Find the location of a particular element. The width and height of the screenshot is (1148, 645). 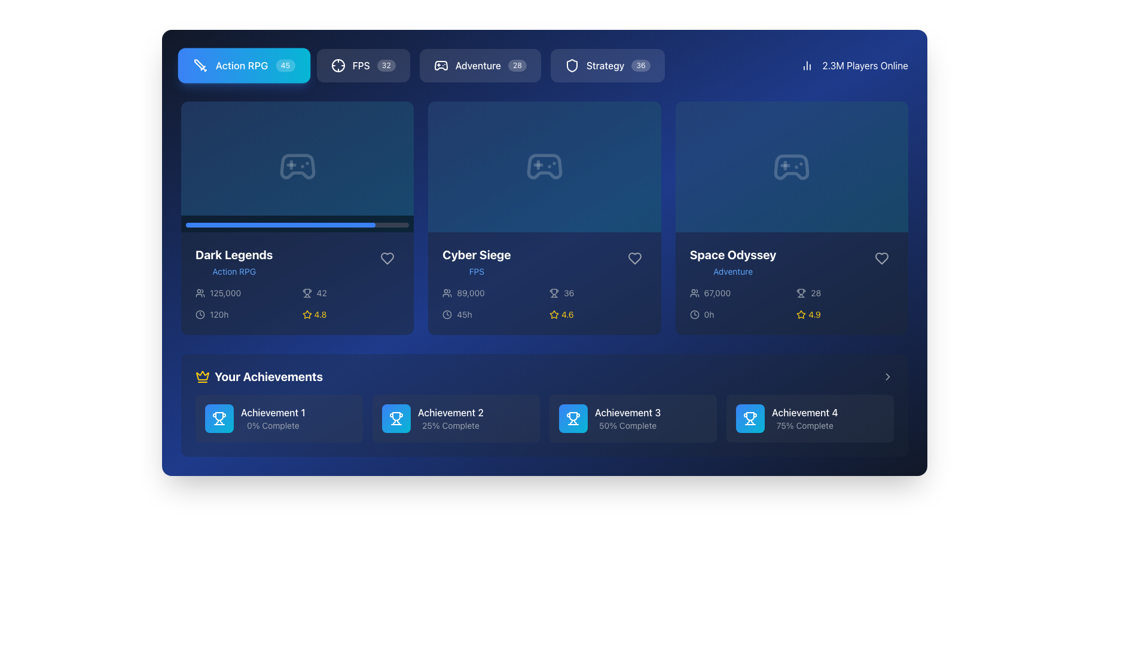

the text component displaying 'Achievement 3' and '50% Complete' is located at coordinates (627, 418).